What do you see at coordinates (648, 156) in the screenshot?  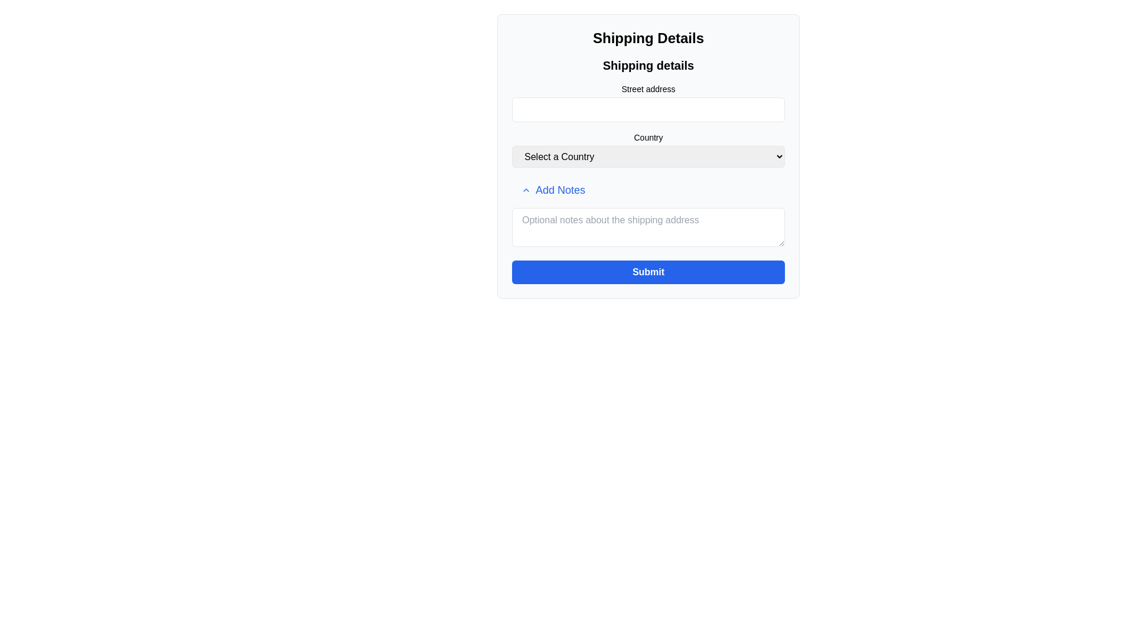 I see `an option from the dropdown menu located below the 'Country' label in the form` at bounding box center [648, 156].